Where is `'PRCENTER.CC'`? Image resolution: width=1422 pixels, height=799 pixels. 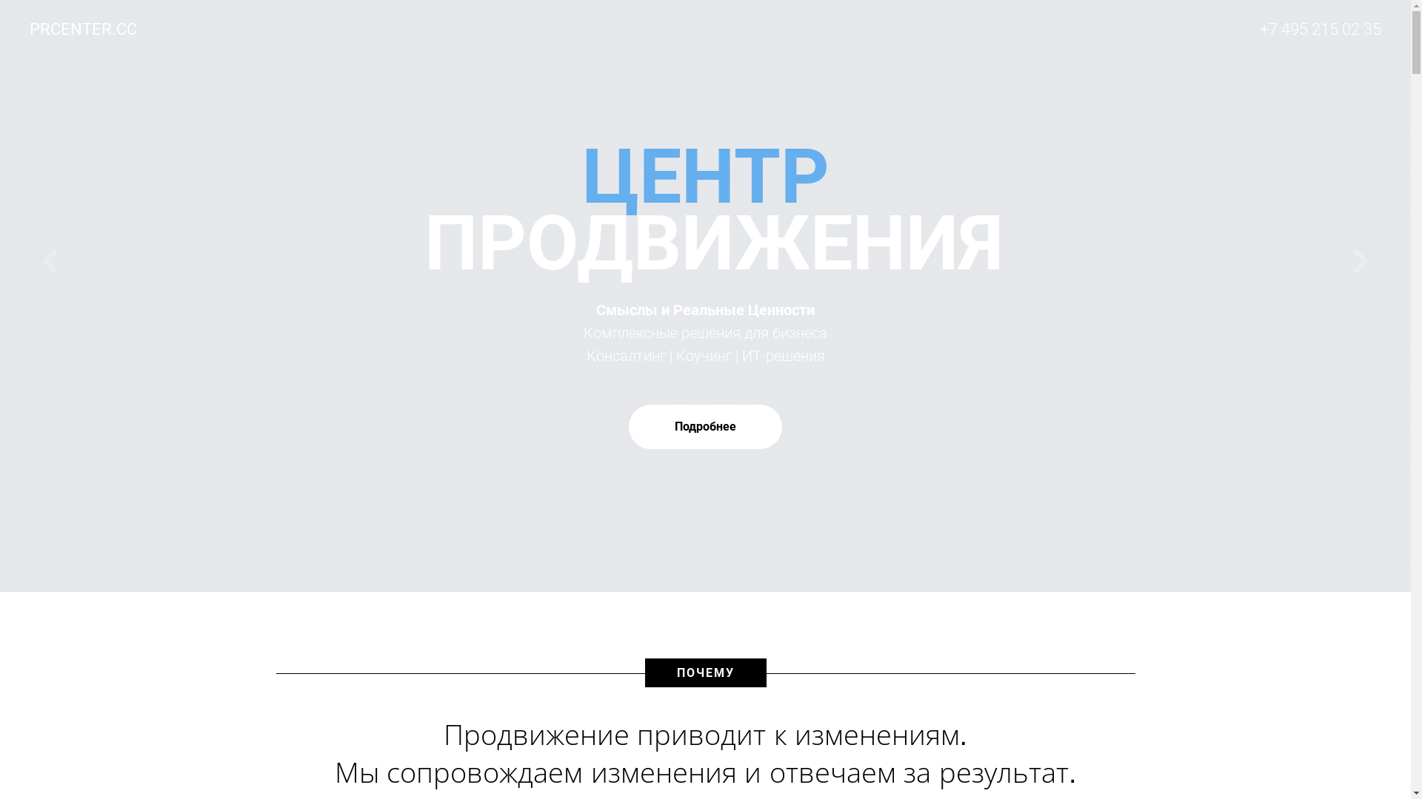 'PRCENTER.CC' is located at coordinates (93, 29).